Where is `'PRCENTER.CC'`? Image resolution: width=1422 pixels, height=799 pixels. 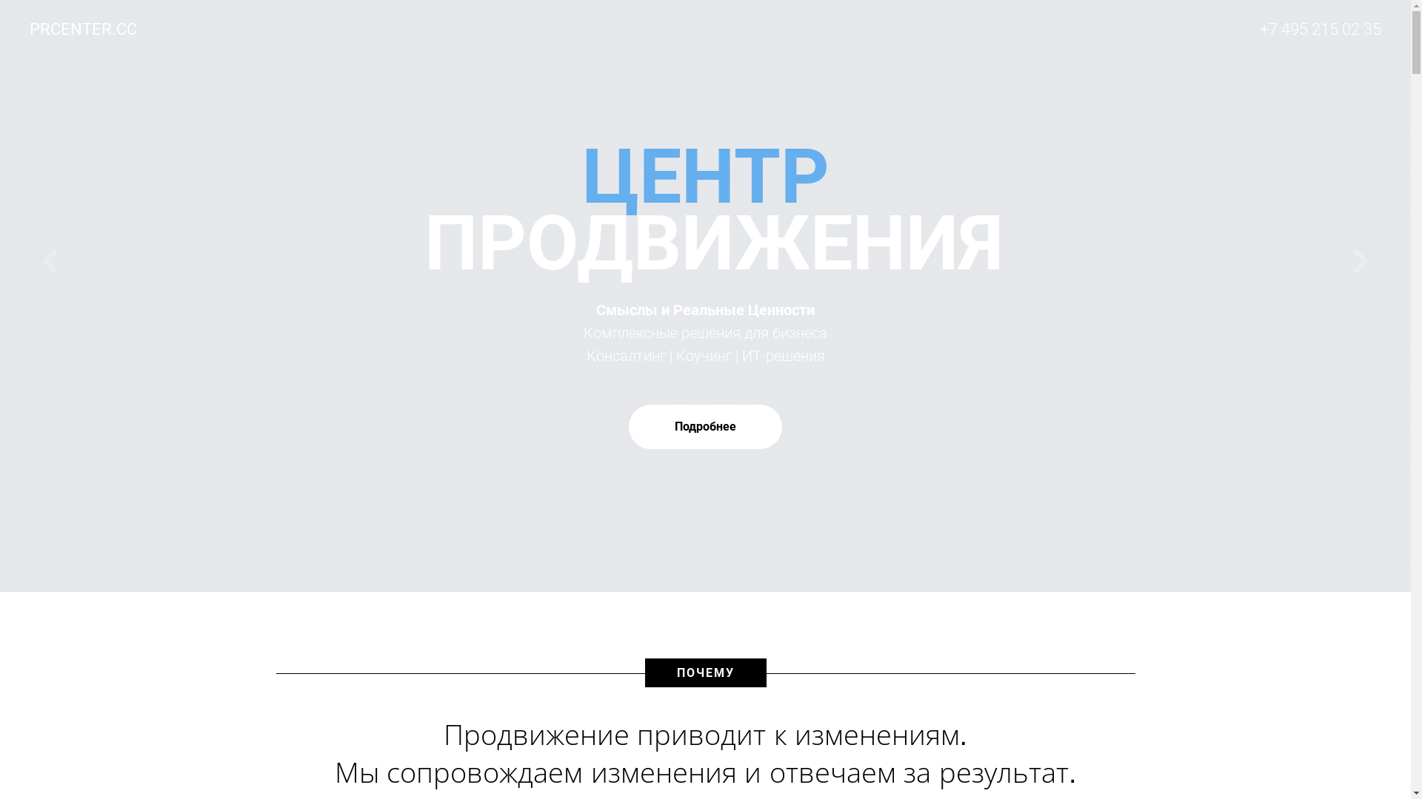 'PRCENTER.CC' is located at coordinates (93, 29).